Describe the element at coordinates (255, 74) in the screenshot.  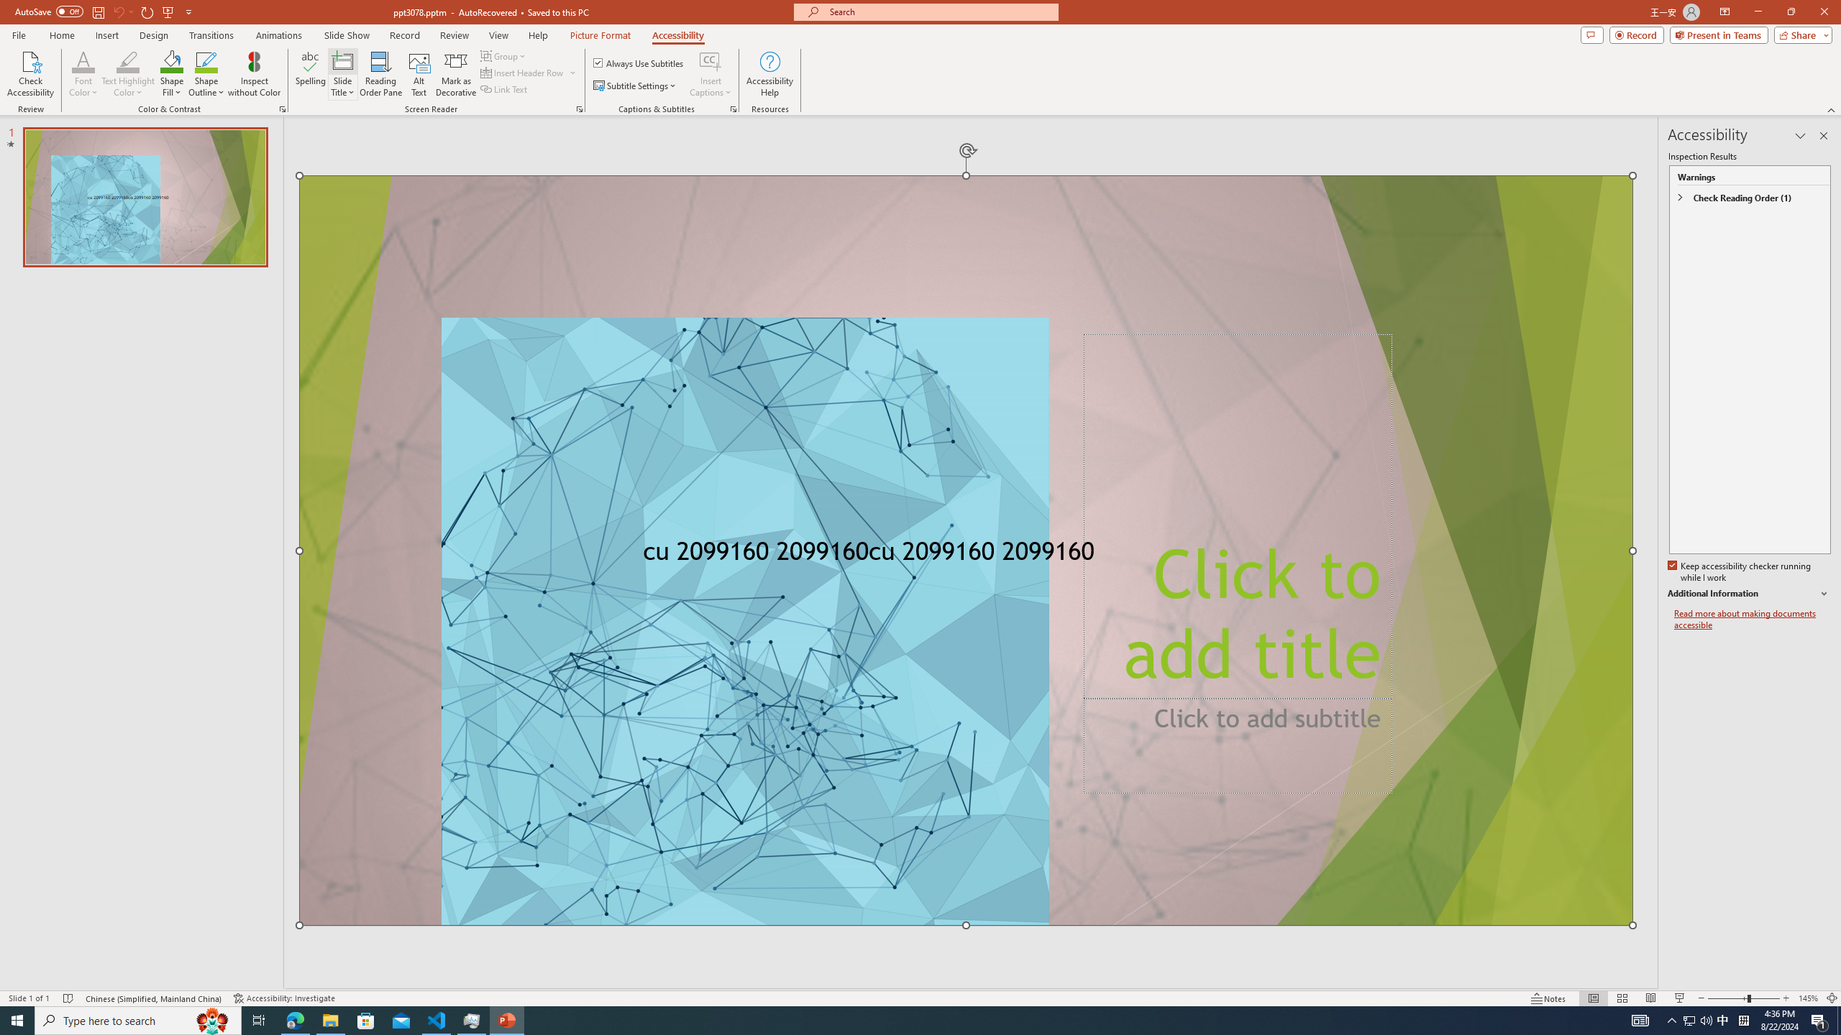
I see `'Inspect without Color'` at that location.